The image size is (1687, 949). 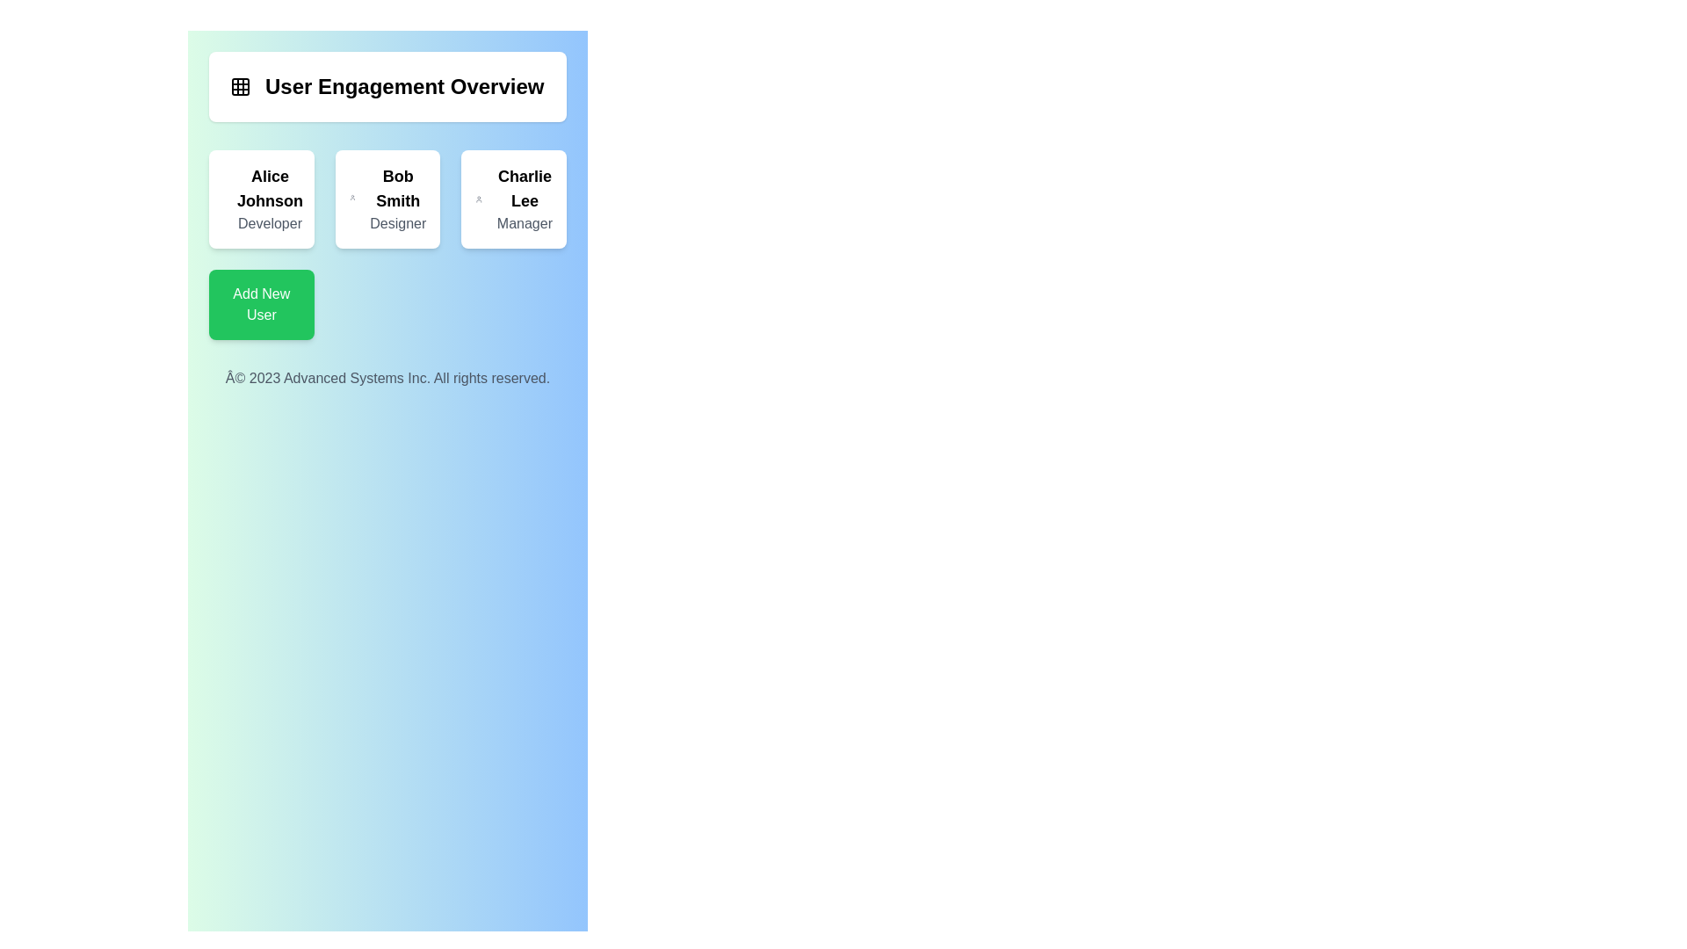 I want to click on the central SVG rectangle within the 3x3 grid in the header section labeled 'User Engagement Overview', so click(x=239, y=87).